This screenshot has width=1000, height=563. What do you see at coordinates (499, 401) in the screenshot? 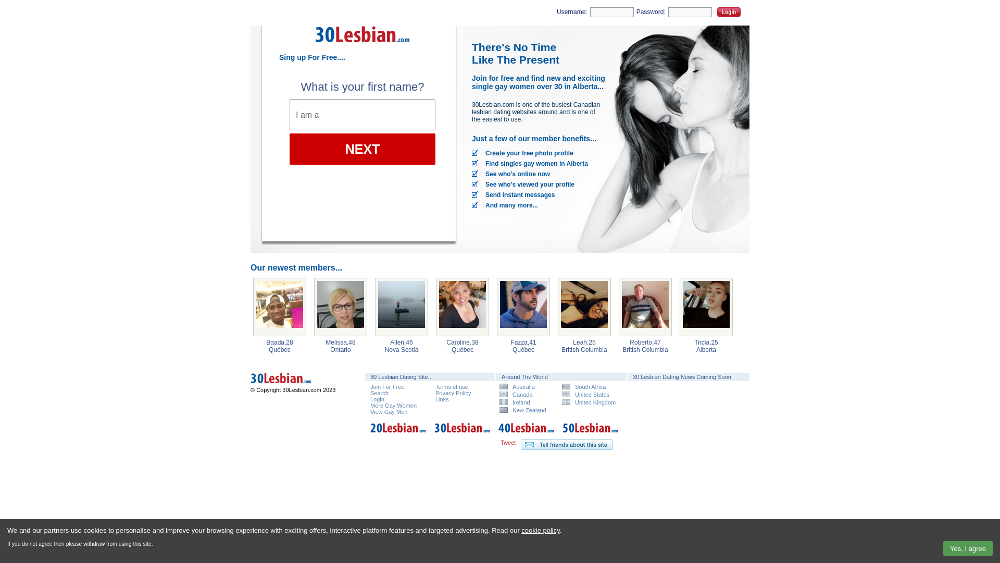
I see `'Ireland'` at bounding box center [499, 401].